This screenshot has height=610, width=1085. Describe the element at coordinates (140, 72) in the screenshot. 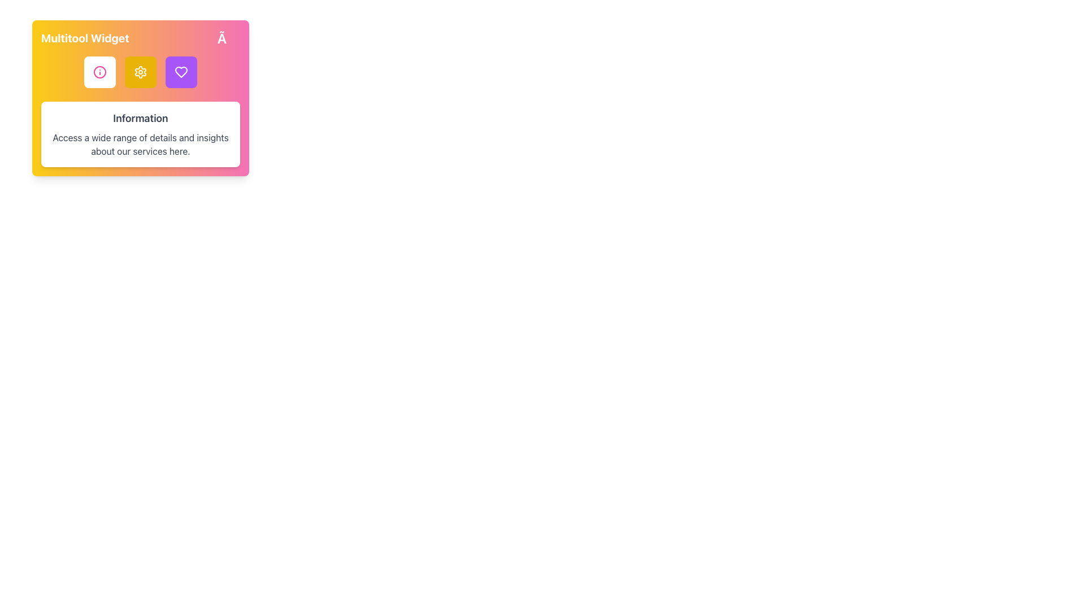

I see `the settings icon, which is the second icon from the left in a row of three icons at the top of a card` at that location.